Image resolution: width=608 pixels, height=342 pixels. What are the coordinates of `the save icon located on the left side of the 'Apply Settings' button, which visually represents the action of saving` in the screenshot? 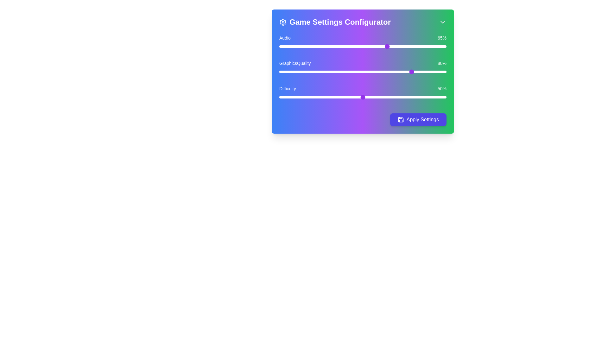 It's located at (400, 120).